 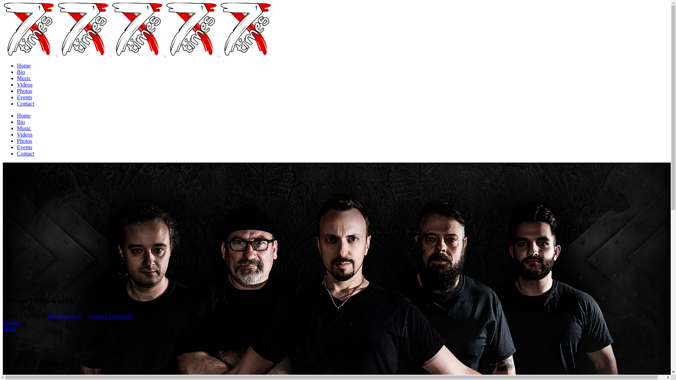 What do you see at coordinates (25, 84) in the screenshot?
I see `'Videos'` at bounding box center [25, 84].